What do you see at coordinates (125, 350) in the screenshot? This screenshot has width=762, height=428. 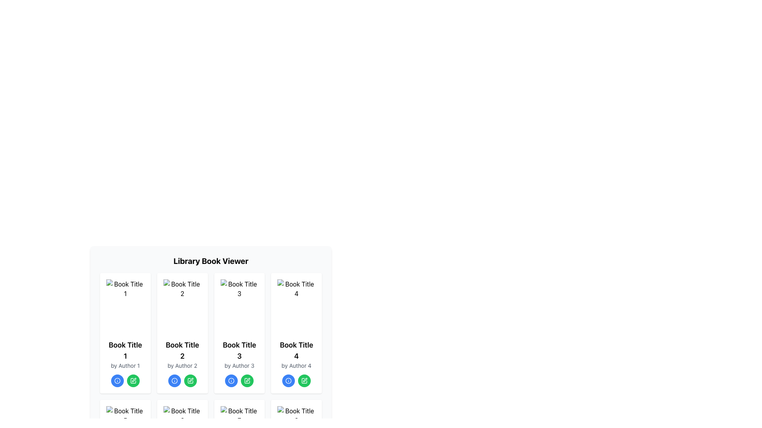 I see `the title text of the first book card in the grid view, which is located below the book cover image` at bounding box center [125, 350].